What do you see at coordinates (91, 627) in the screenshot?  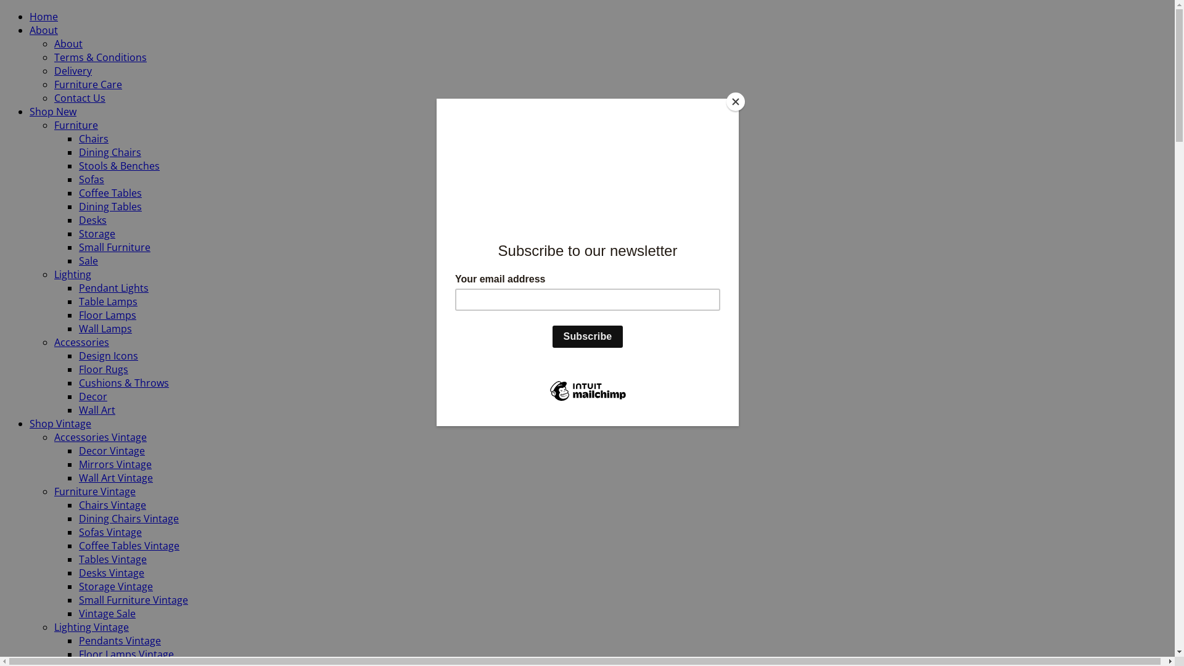 I see `'Lighting Vintage'` at bounding box center [91, 627].